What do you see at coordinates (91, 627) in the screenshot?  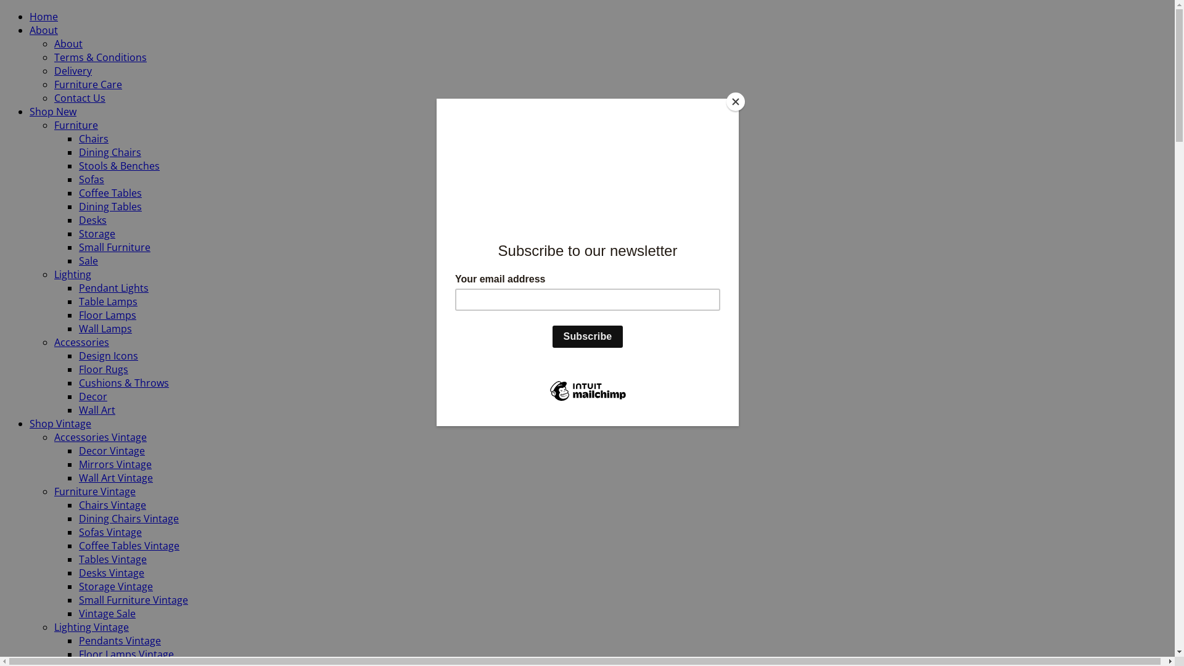 I see `'Lighting Vintage'` at bounding box center [91, 627].